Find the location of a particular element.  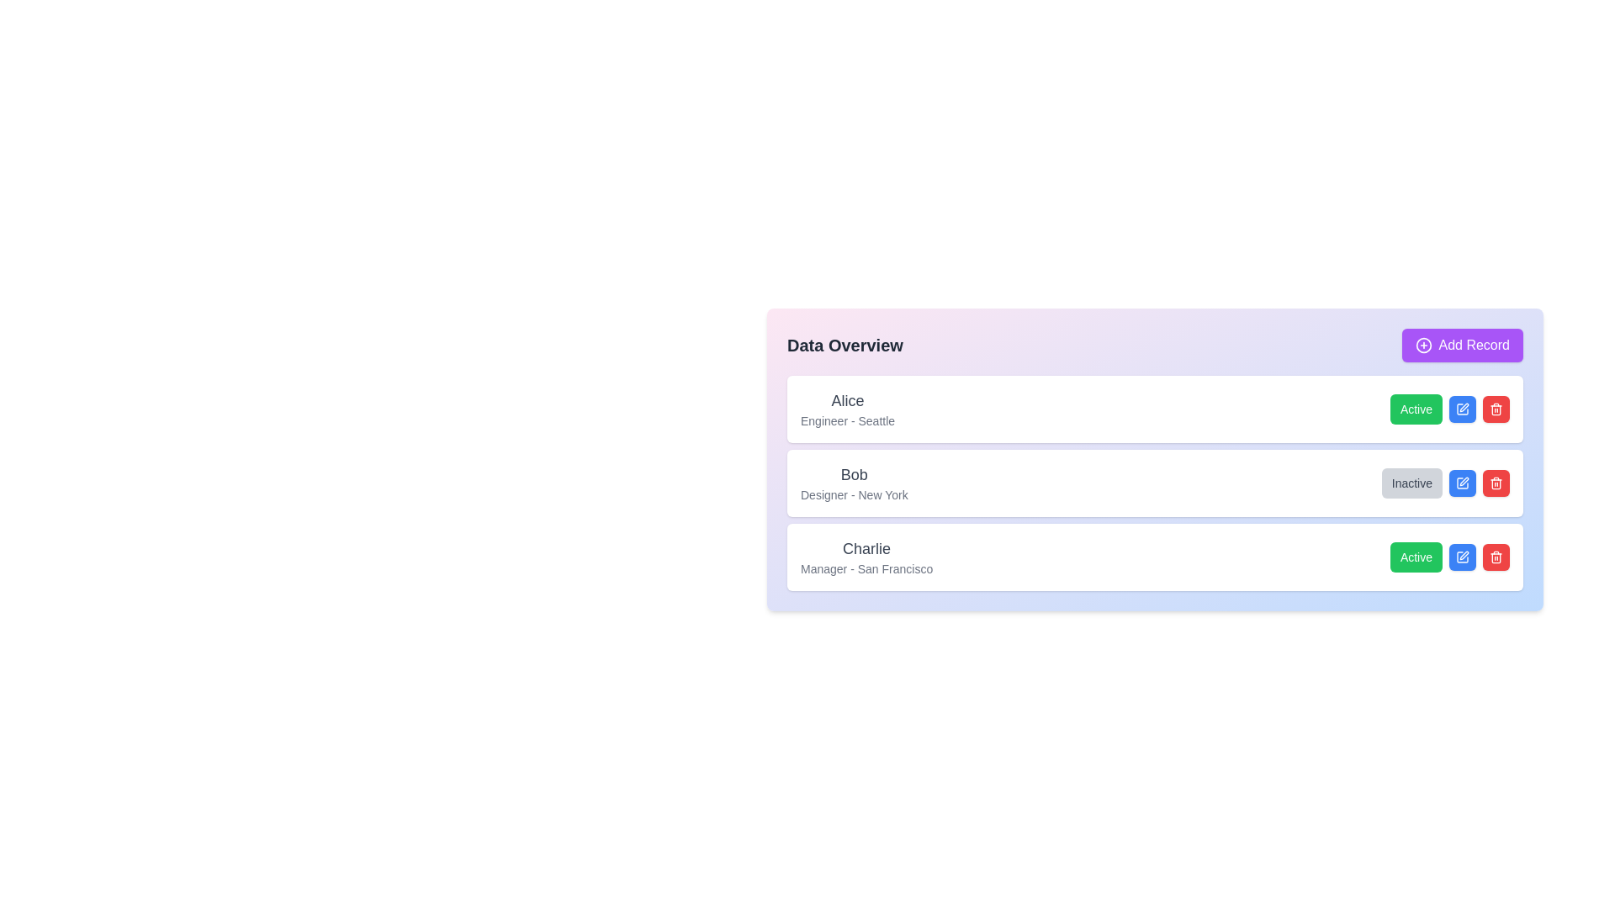

the 'Add Record' button, which is a purple button with white text located in the top-right corner of the interactive panel is located at coordinates (1422, 345).